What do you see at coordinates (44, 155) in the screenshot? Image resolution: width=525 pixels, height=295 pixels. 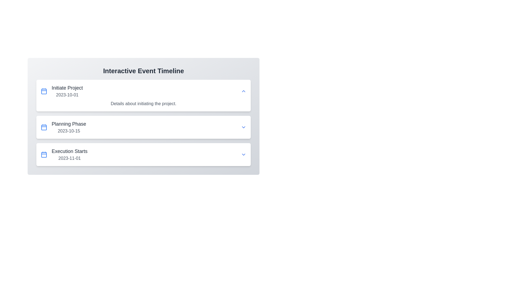 I see `the rectangular SVG graphical component styled as part of a calendar icon on the left side of the first entry in the timeline interface` at bounding box center [44, 155].